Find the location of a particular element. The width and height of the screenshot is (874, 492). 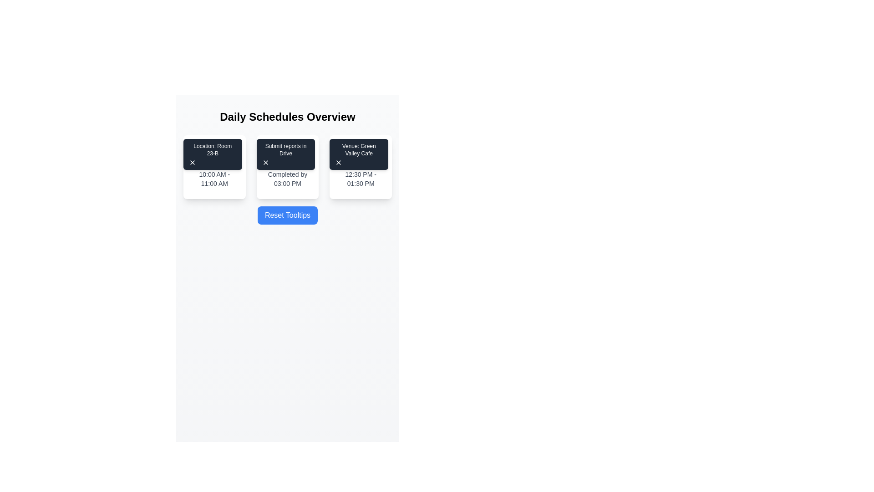

the Text Display Component that shows 'Marketing Meeting' and '10:00 AM - 11:00 AM', which is the first element in the row under 'Daily Schedules Overview' is located at coordinates (214, 167).